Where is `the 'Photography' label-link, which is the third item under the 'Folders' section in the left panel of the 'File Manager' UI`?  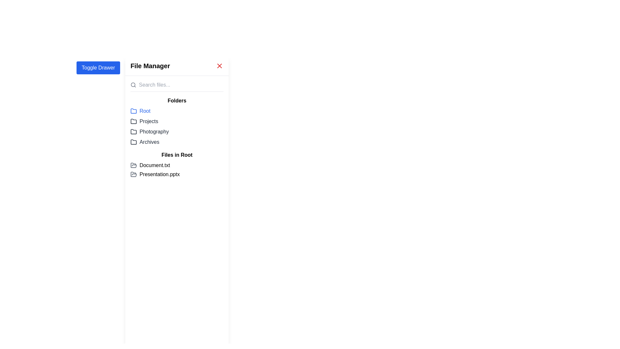 the 'Photography' label-link, which is the third item under the 'Folders' section in the left panel of the 'File Manager' UI is located at coordinates (149, 132).